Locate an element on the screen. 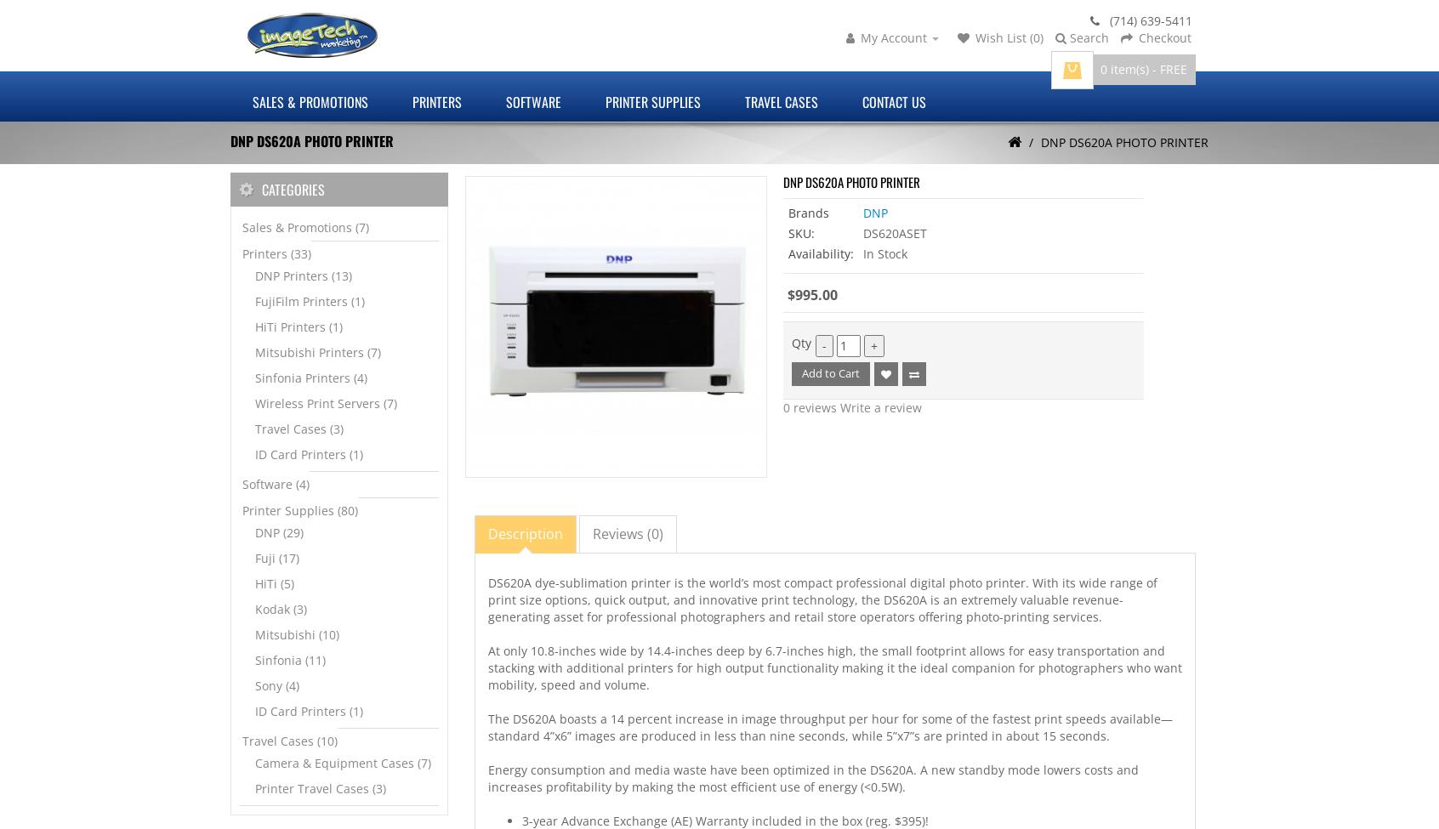 The width and height of the screenshot is (1439, 829). 'Categories' is located at coordinates (292, 189).